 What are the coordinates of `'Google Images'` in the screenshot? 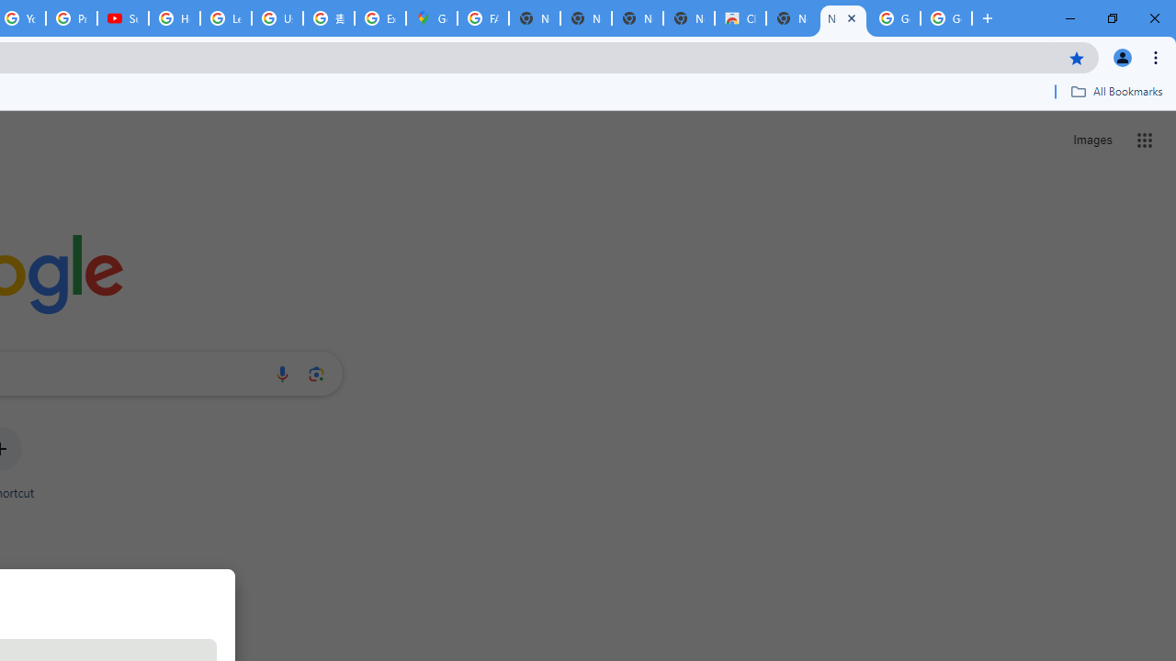 It's located at (946, 18).